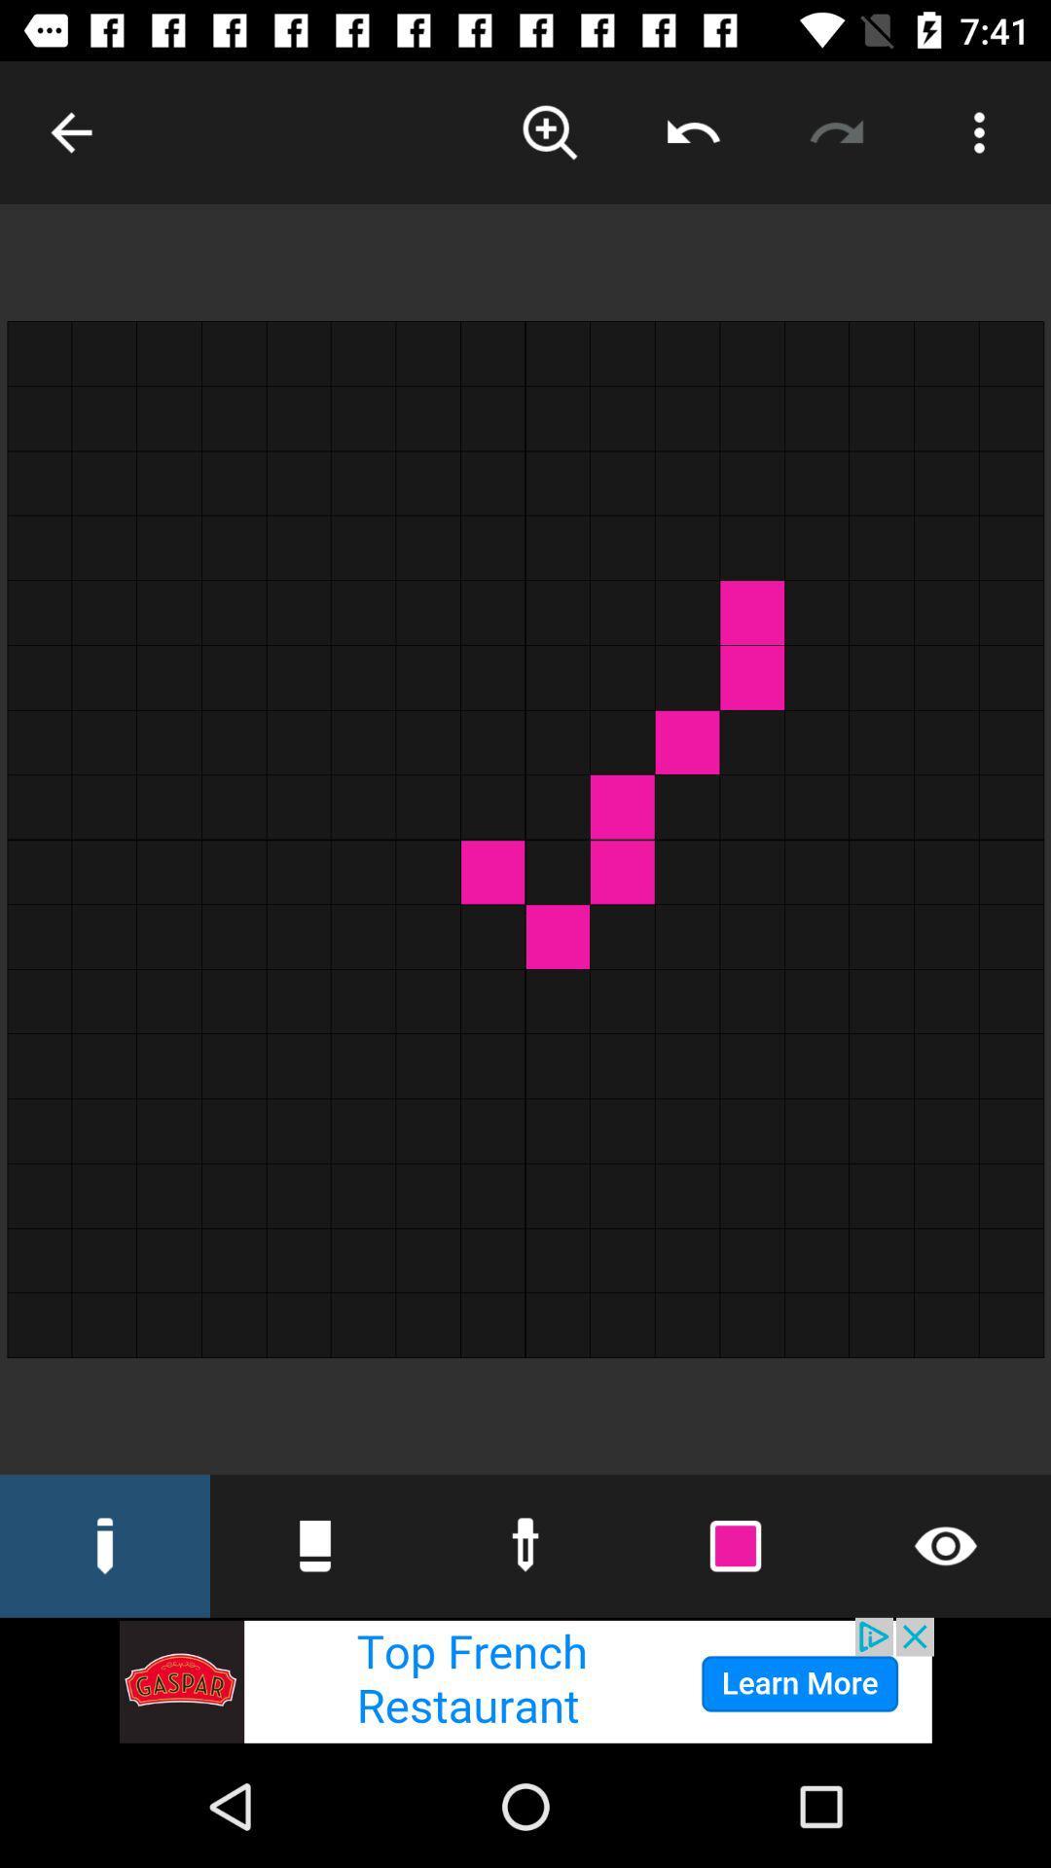  I want to click on rotate forward, so click(835, 131).